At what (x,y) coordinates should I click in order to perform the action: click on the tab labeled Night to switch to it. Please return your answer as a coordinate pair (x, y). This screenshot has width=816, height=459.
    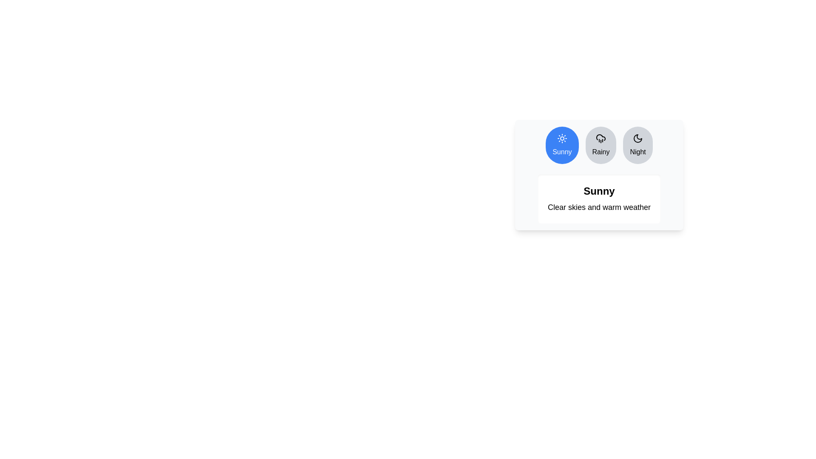
    Looking at the image, I should click on (638, 145).